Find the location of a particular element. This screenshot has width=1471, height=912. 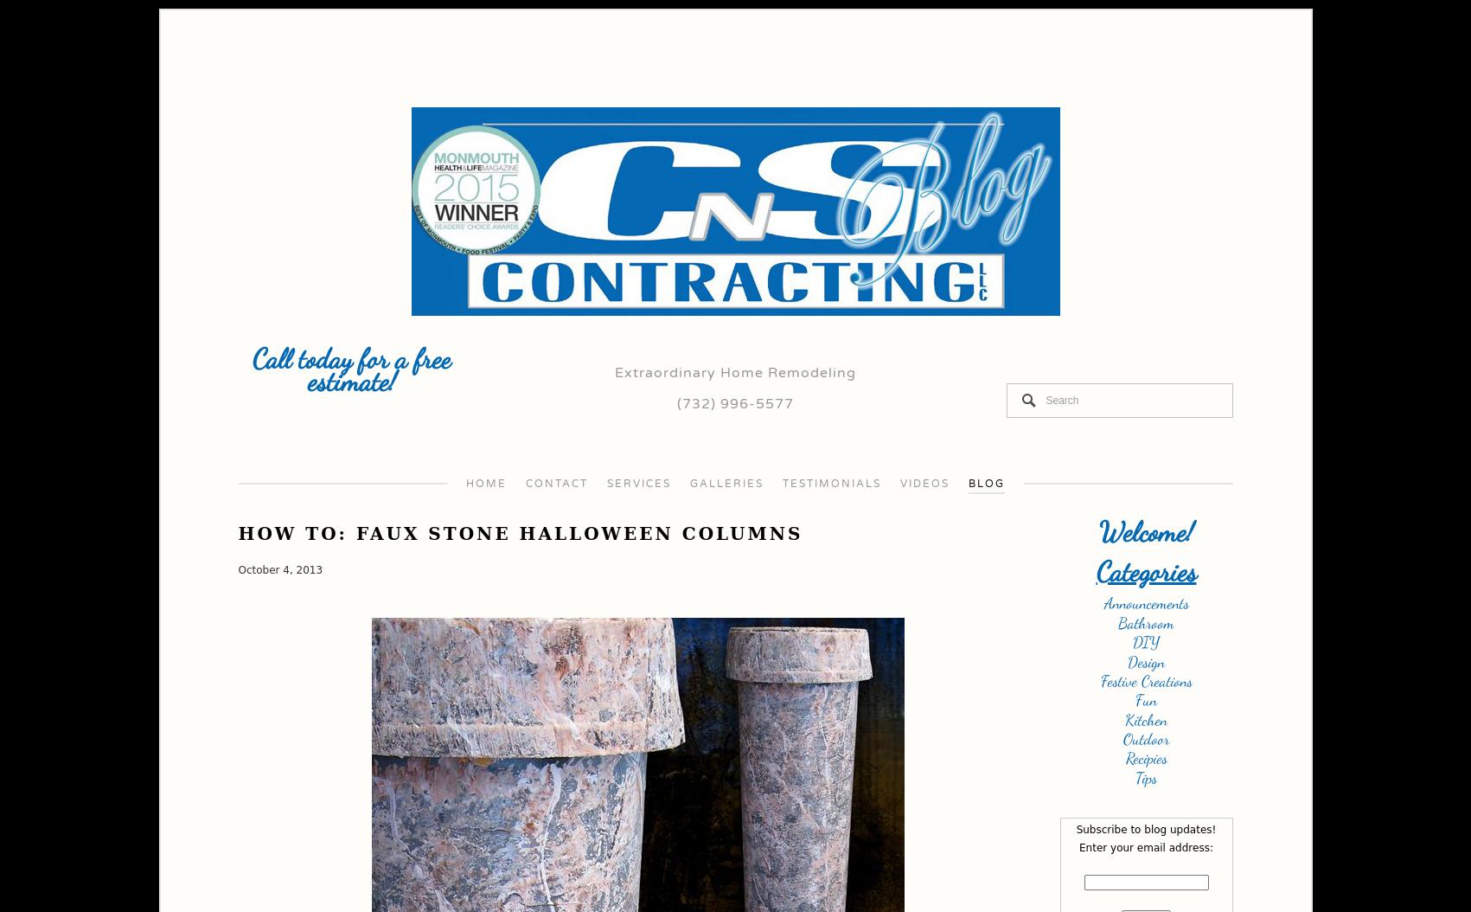

'Fun' is located at coordinates (1146, 699).